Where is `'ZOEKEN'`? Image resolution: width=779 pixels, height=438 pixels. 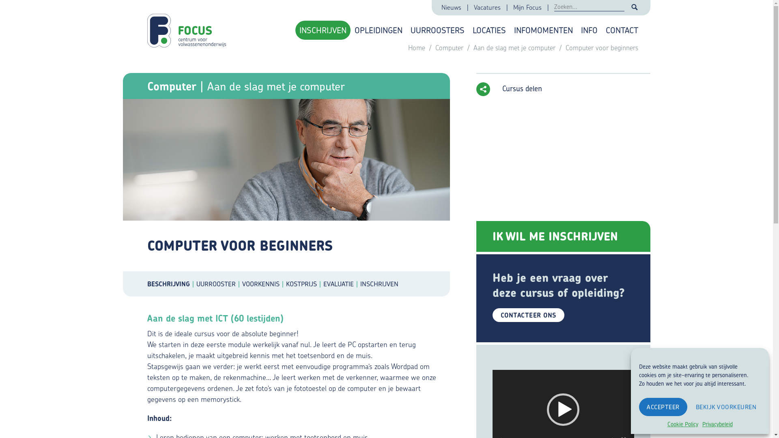
'ZOEKEN' is located at coordinates (634, 7).